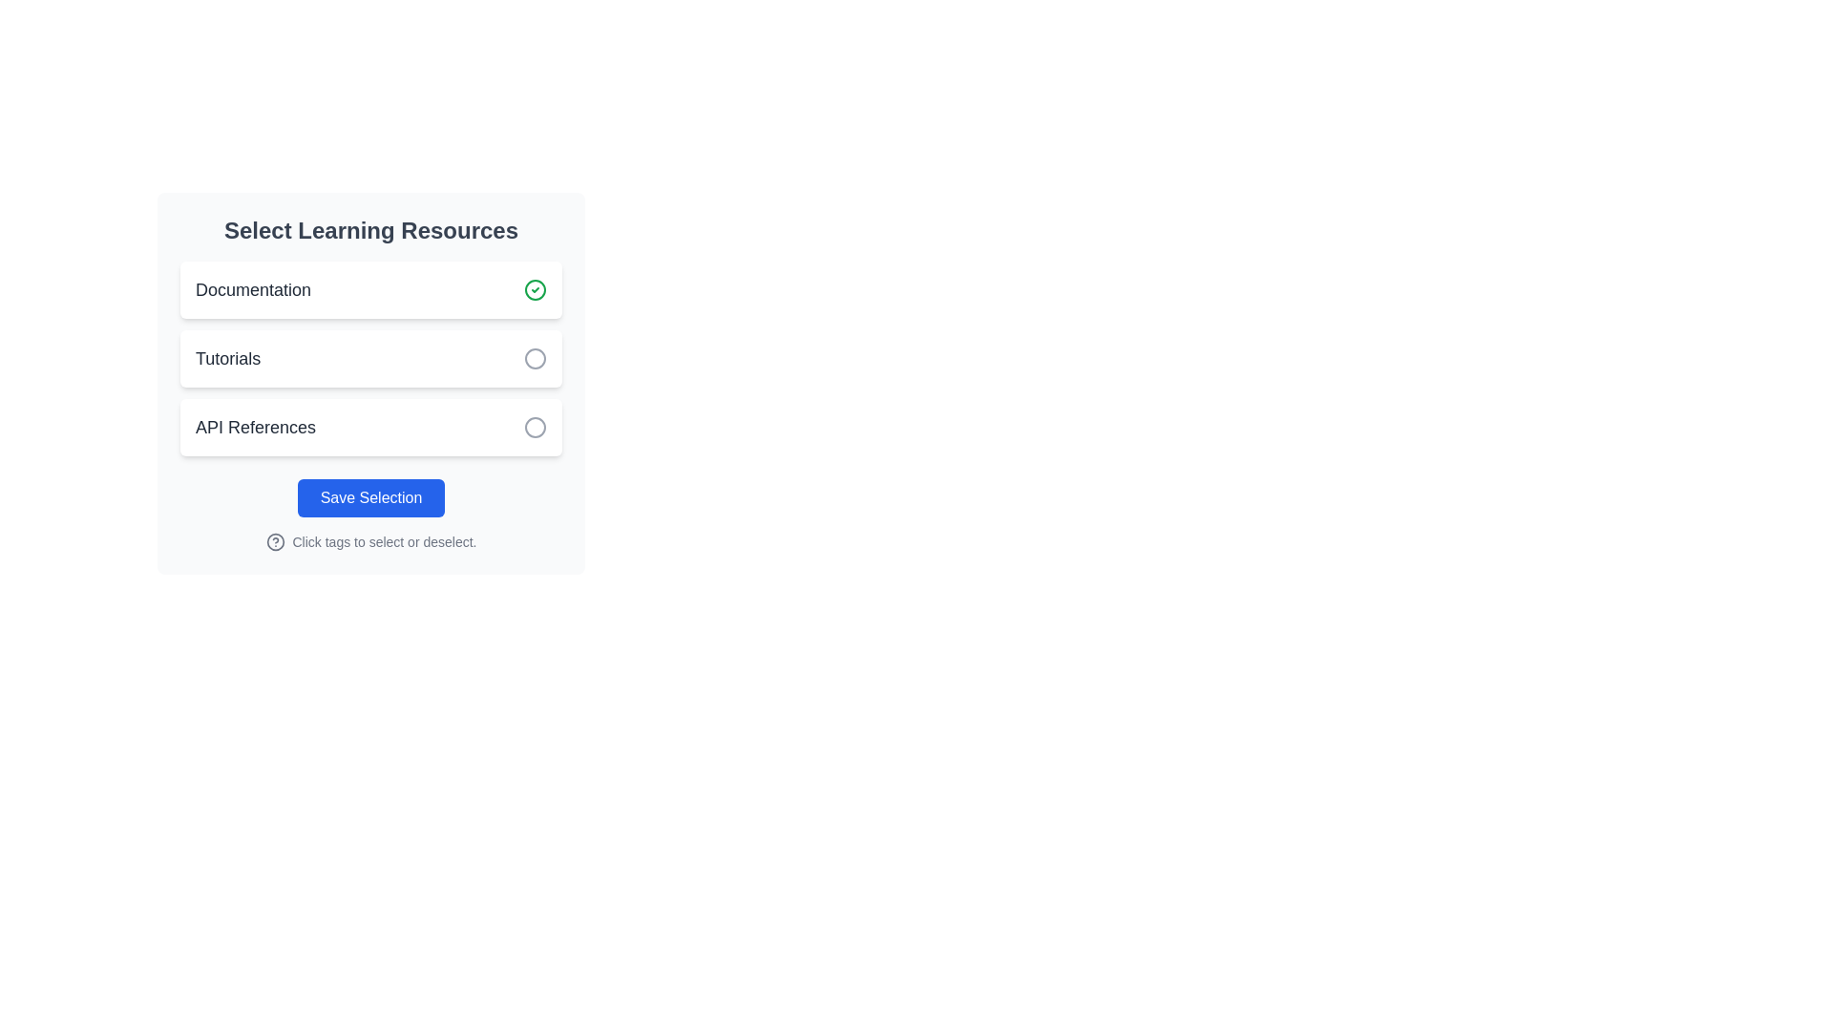 The image size is (1833, 1031). Describe the element at coordinates (370, 358) in the screenshot. I see `the selectable tutorial option button located between the 'Documentation' and 'API References' buttons` at that location.